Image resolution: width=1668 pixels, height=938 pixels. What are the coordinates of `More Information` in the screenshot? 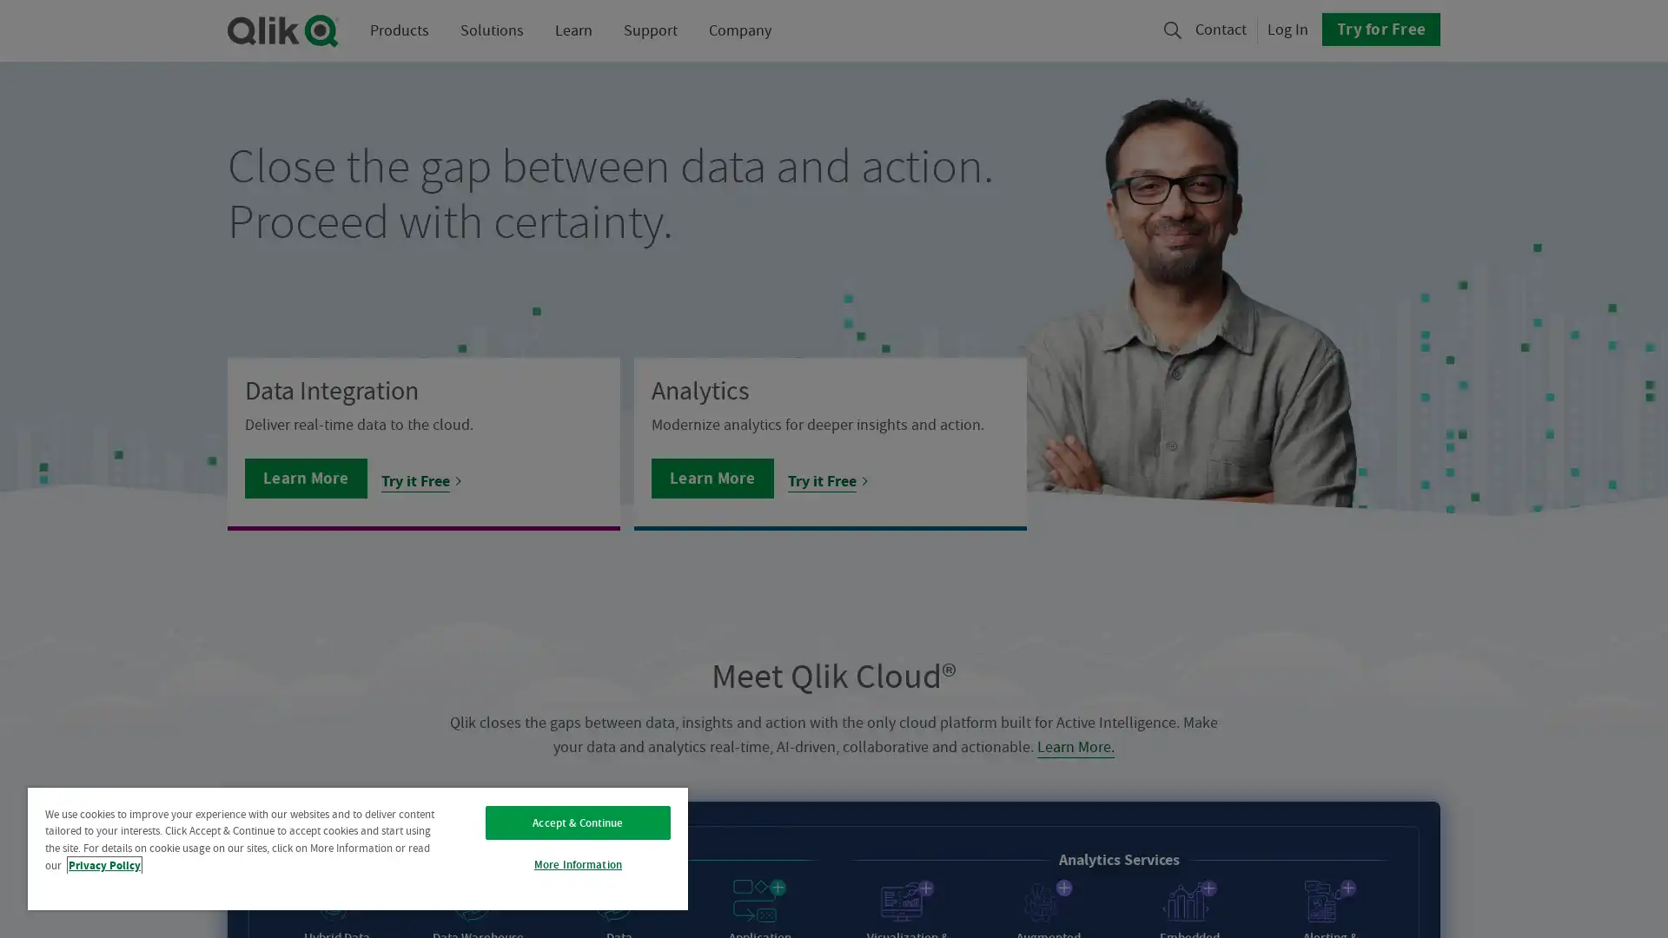 It's located at (577, 864).